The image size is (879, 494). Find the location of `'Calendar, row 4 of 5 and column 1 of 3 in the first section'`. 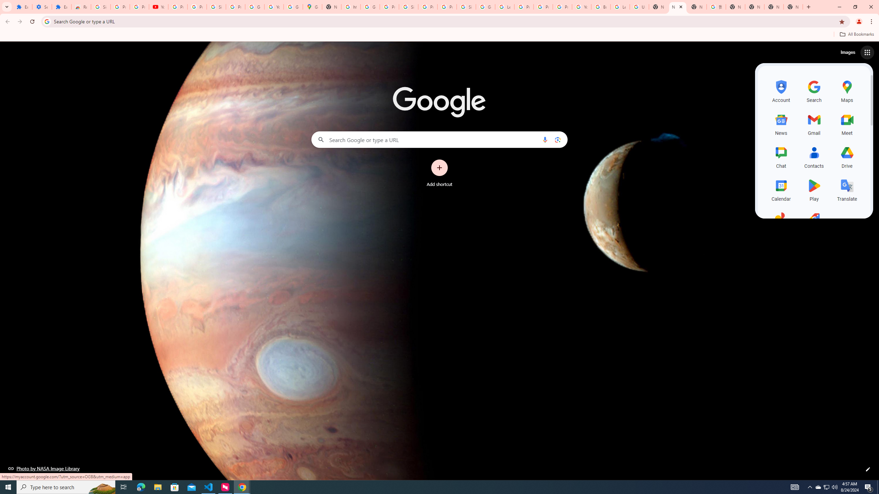

'Calendar, row 4 of 5 and column 1 of 3 in the first section' is located at coordinates (781, 189).